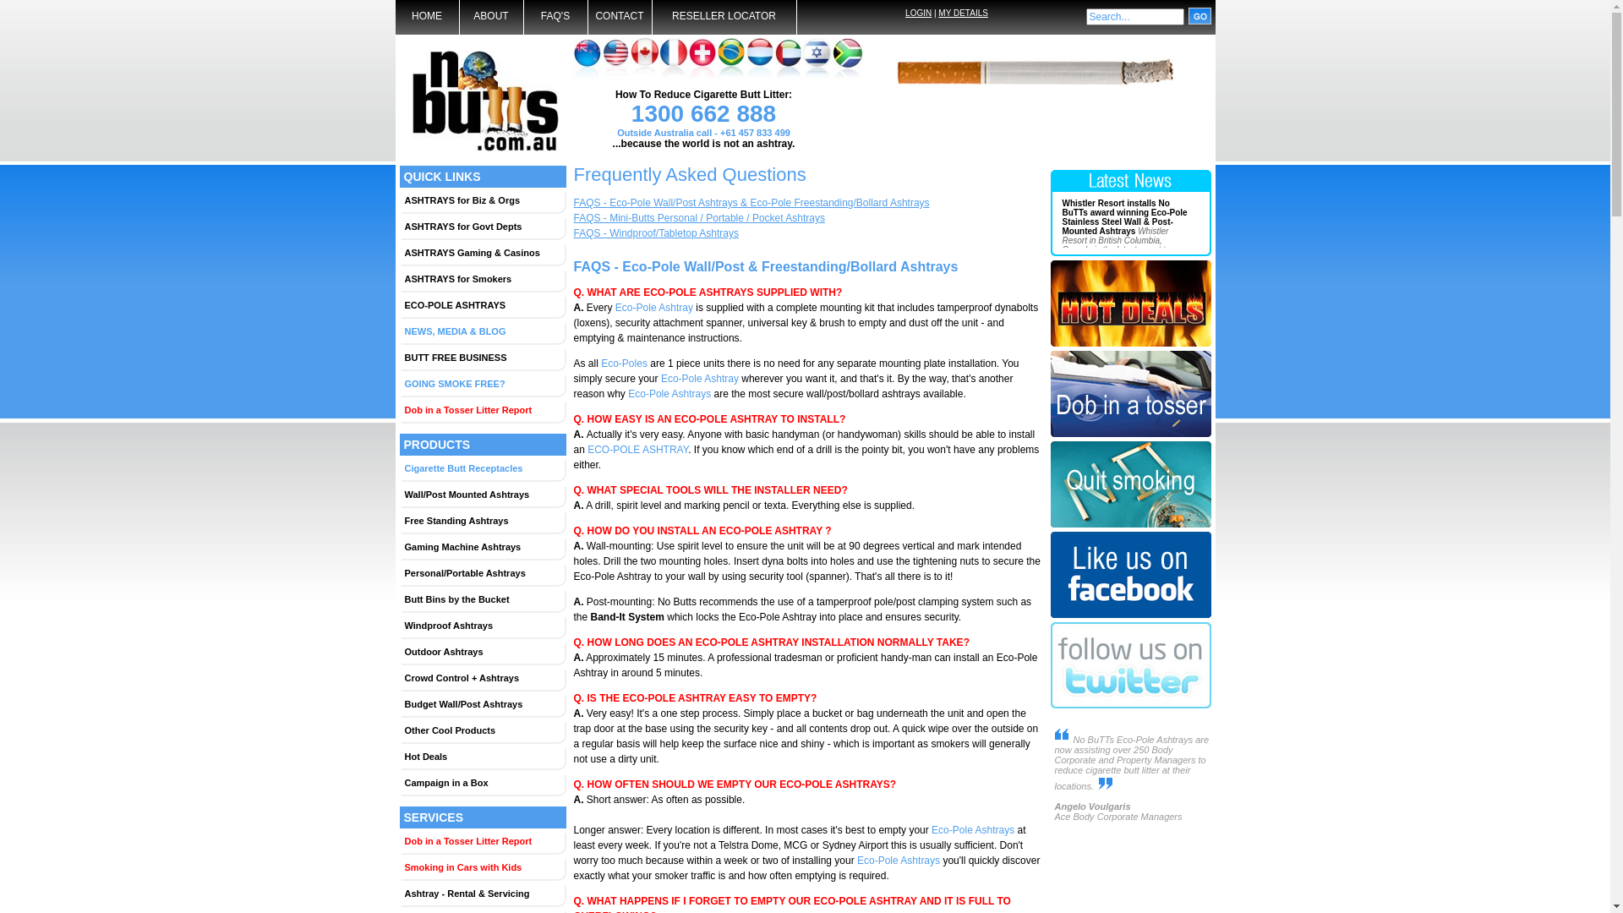 This screenshot has width=1623, height=913. I want to click on 'RESELLER LOCATOR', so click(652, 17).